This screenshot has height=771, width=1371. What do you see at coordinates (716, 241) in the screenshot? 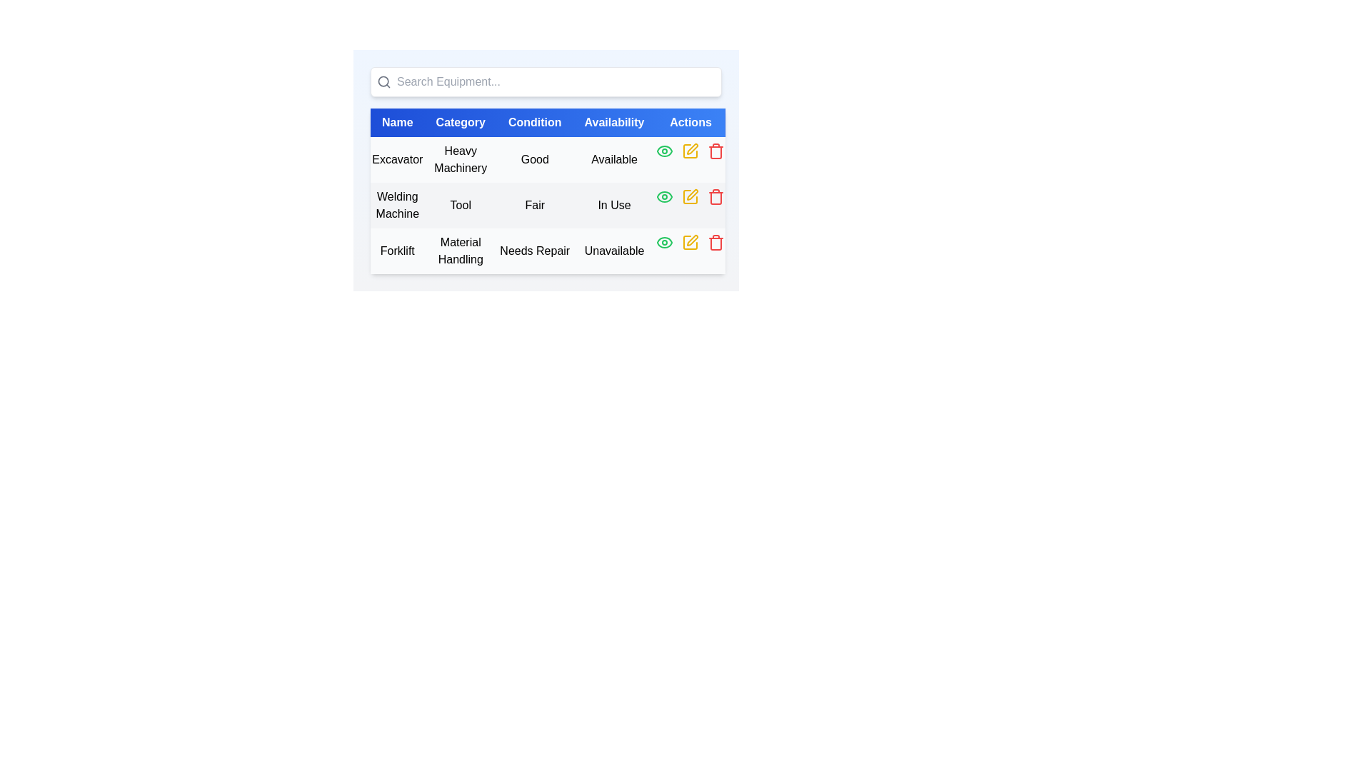
I see `the delete icon button located in the 'Actions' column for the 'Forklift' entry` at bounding box center [716, 241].